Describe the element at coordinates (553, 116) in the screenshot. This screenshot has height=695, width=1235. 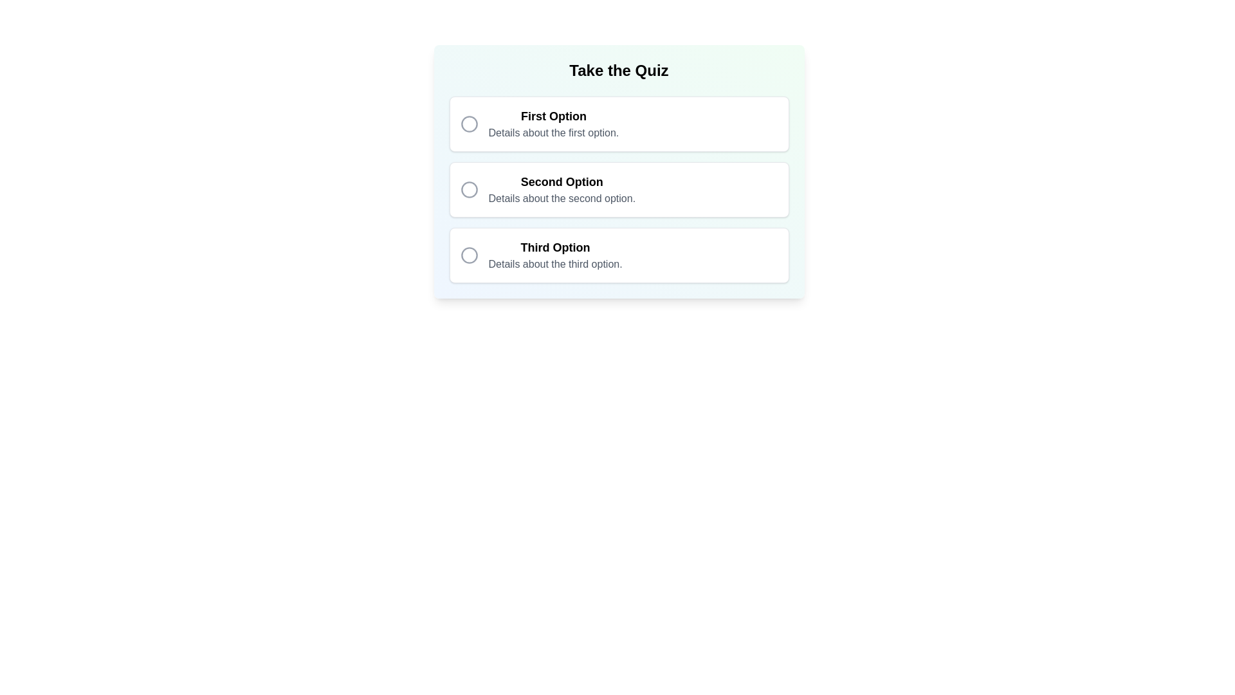
I see `the text label that serves as the title for the first selectable option in the group, which is located at the top of the vertical stack of options` at that location.